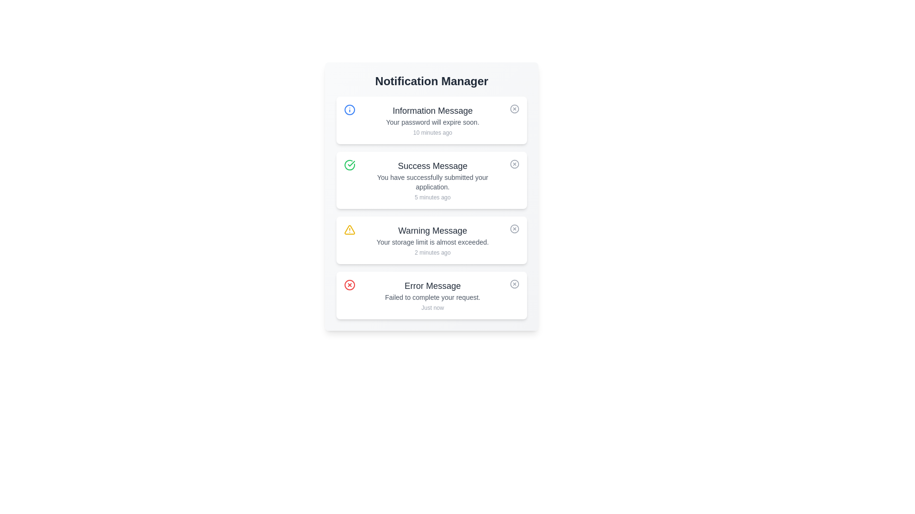  What do you see at coordinates (432, 182) in the screenshot?
I see `information displayed in the text label that states 'You have successfully submitted your application.' located in the second notification card under the title 'Success Message.'` at bounding box center [432, 182].